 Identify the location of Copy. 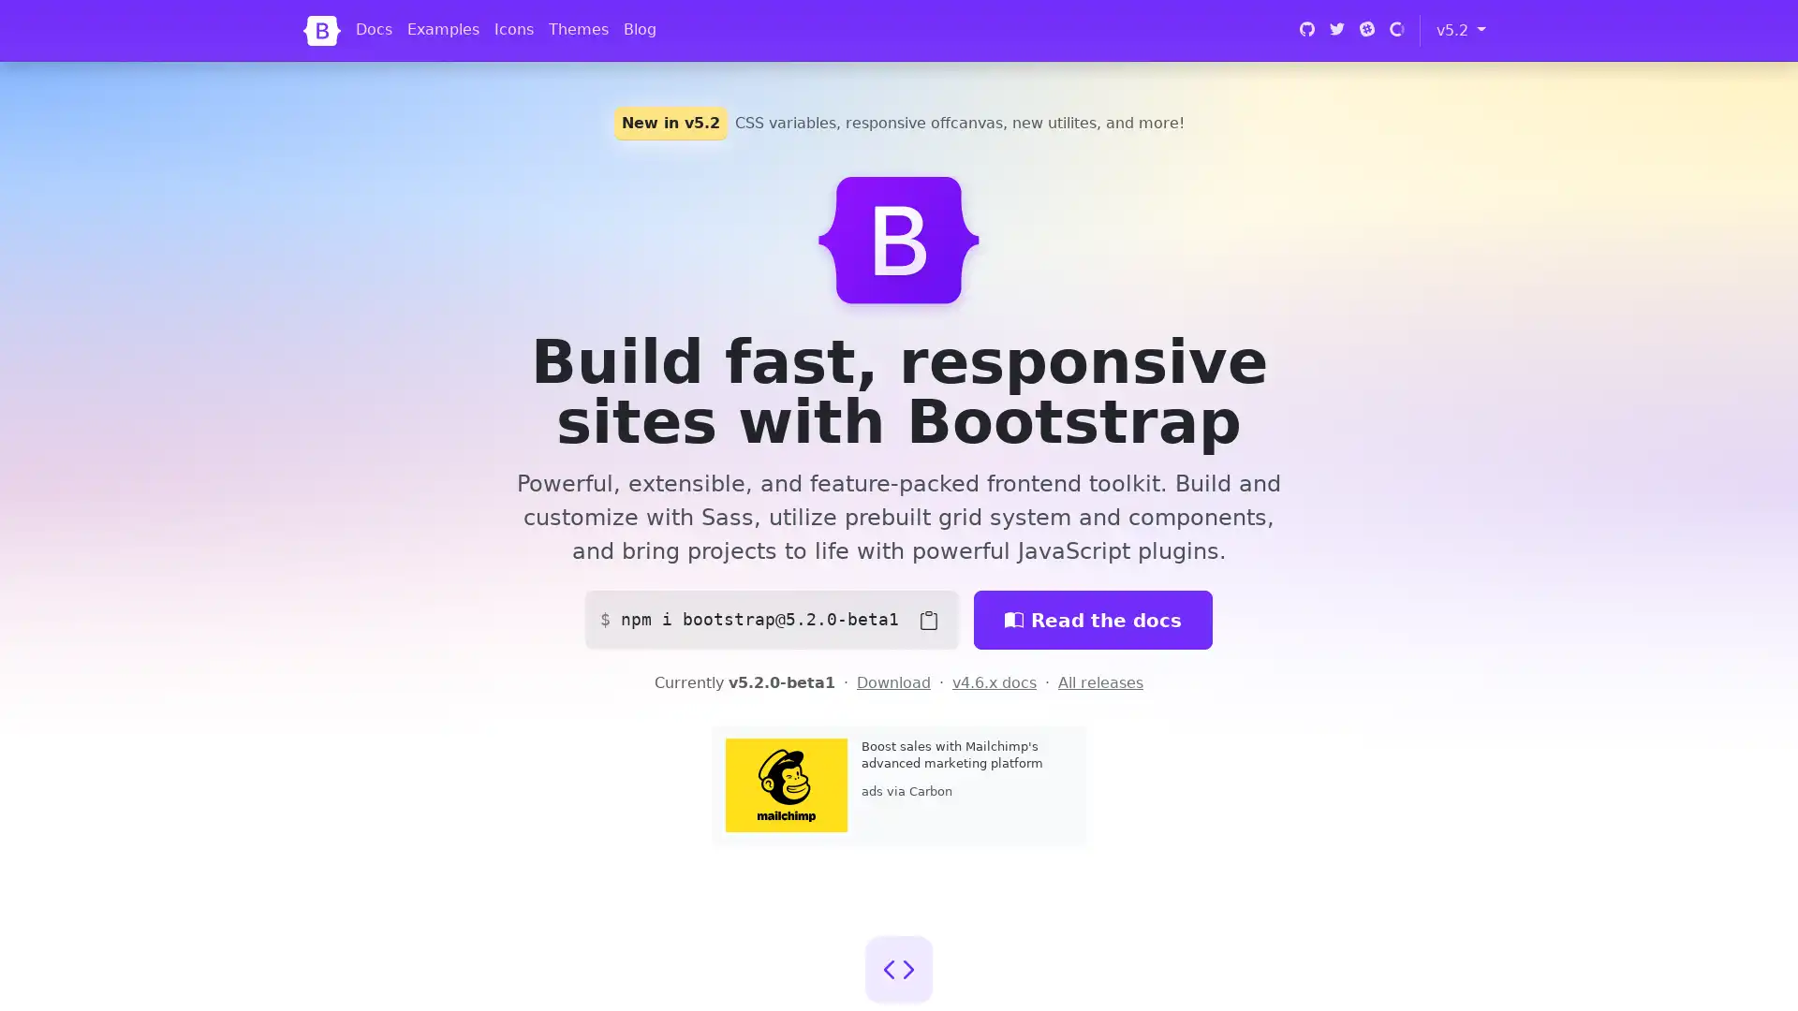
(929, 619).